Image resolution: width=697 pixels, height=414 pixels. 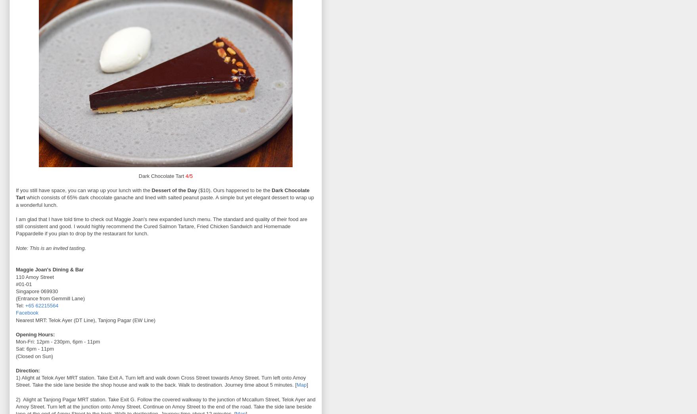 I want to click on '1) Alight at Telok Ayer MRT station. Take Exit A. Turn left and walk down Cross Street towards Amoy Street. Turn left onto Amoy Street. Take the side lane beside the shop house and walk to the back. Walk to destination. Journey time about 5 minutes. [', so click(x=161, y=381).